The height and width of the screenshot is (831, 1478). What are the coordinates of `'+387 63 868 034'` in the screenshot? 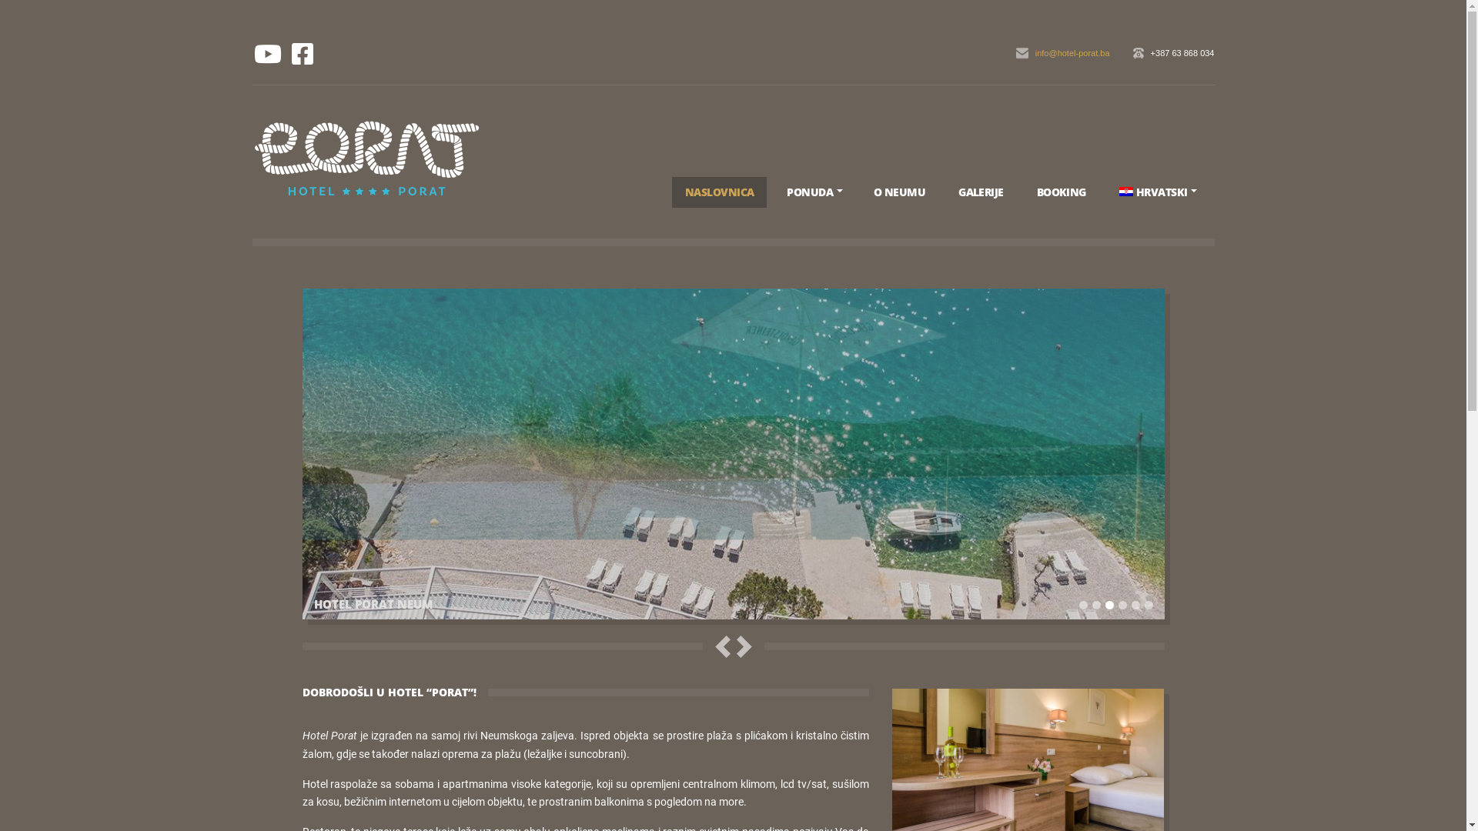 It's located at (1172, 52).